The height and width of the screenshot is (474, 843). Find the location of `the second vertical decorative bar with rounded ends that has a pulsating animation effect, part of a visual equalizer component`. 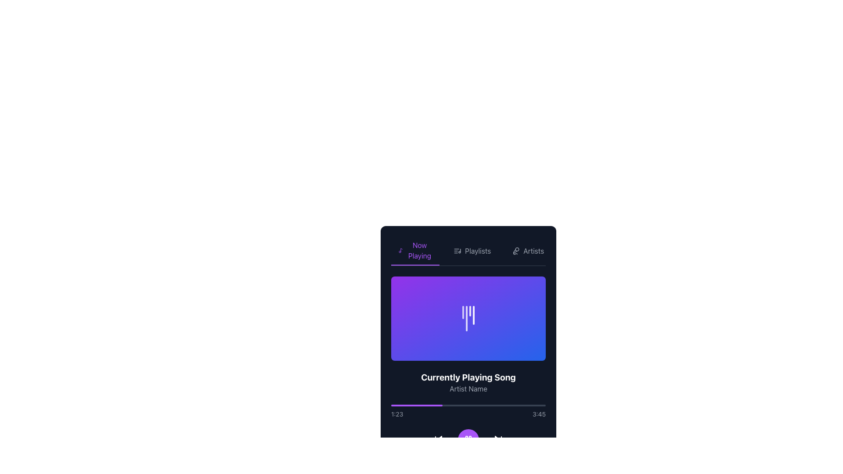

the second vertical decorative bar with rounded ends that has a pulsating animation effect, part of a visual equalizer component is located at coordinates (466, 318).